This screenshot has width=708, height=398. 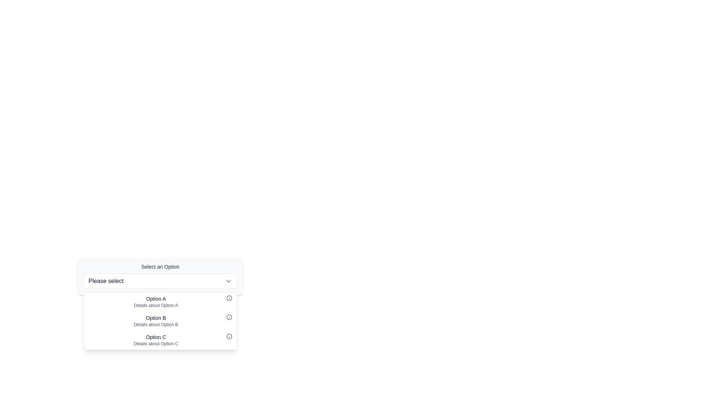 What do you see at coordinates (155, 337) in the screenshot?
I see `the textual label that reads 'Option C', which is a bold, medium-sized, dark gray text located in the third item of a dropdown menu` at bounding box center [155, 337].